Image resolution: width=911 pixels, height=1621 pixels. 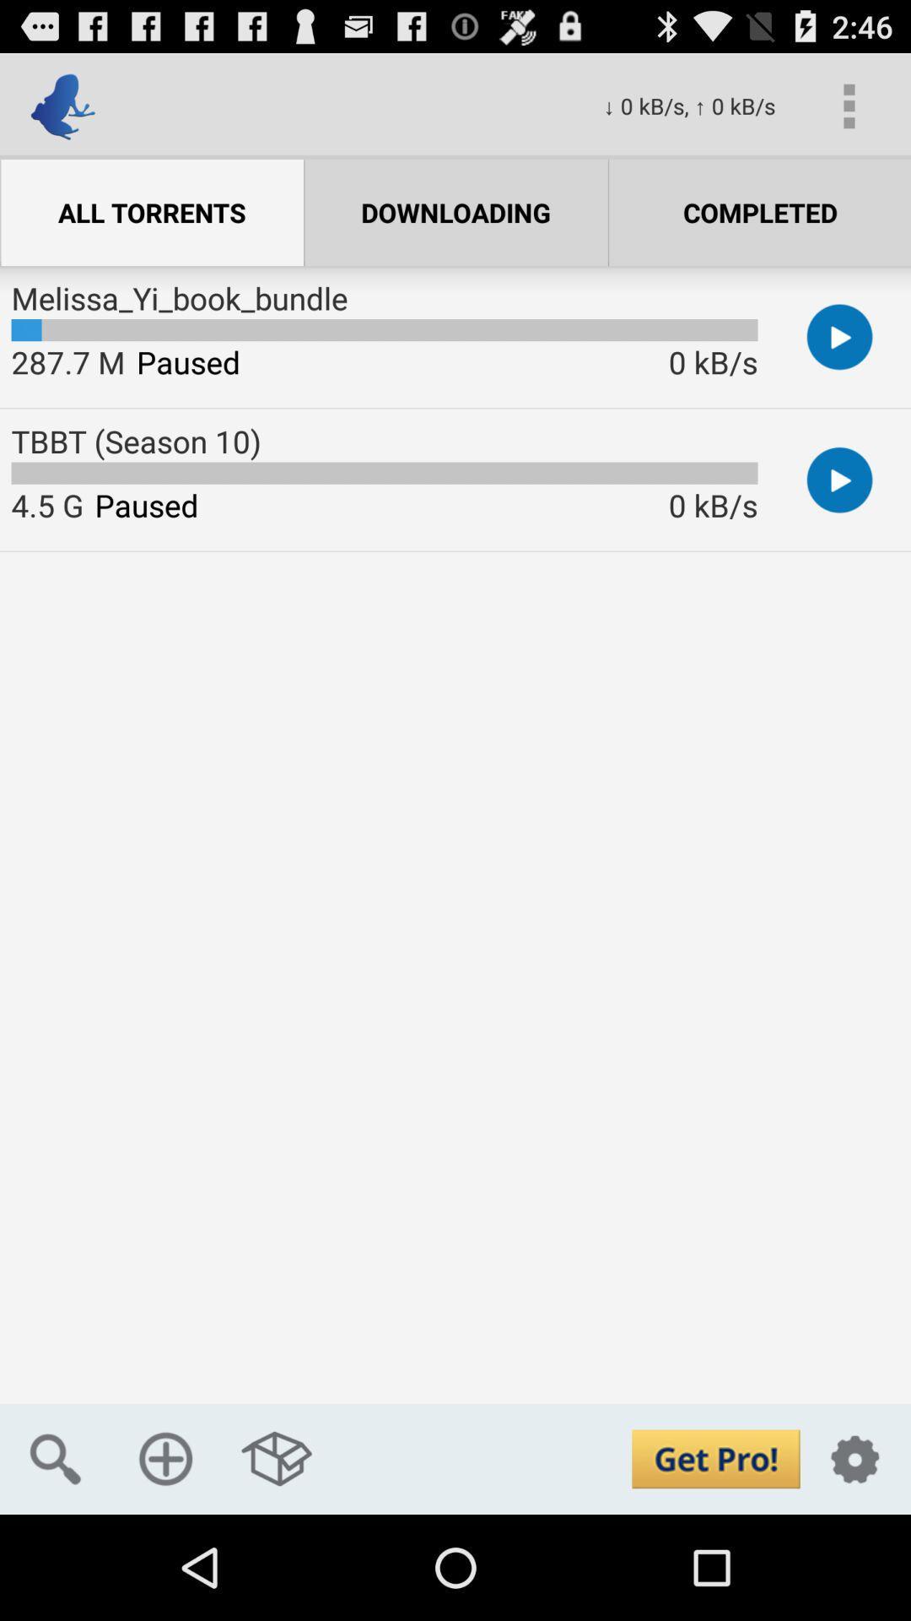 What do you see at coordinates (46, 504) in the screenshot?
I see `4.5 g item` at bounding box center [46, 504].